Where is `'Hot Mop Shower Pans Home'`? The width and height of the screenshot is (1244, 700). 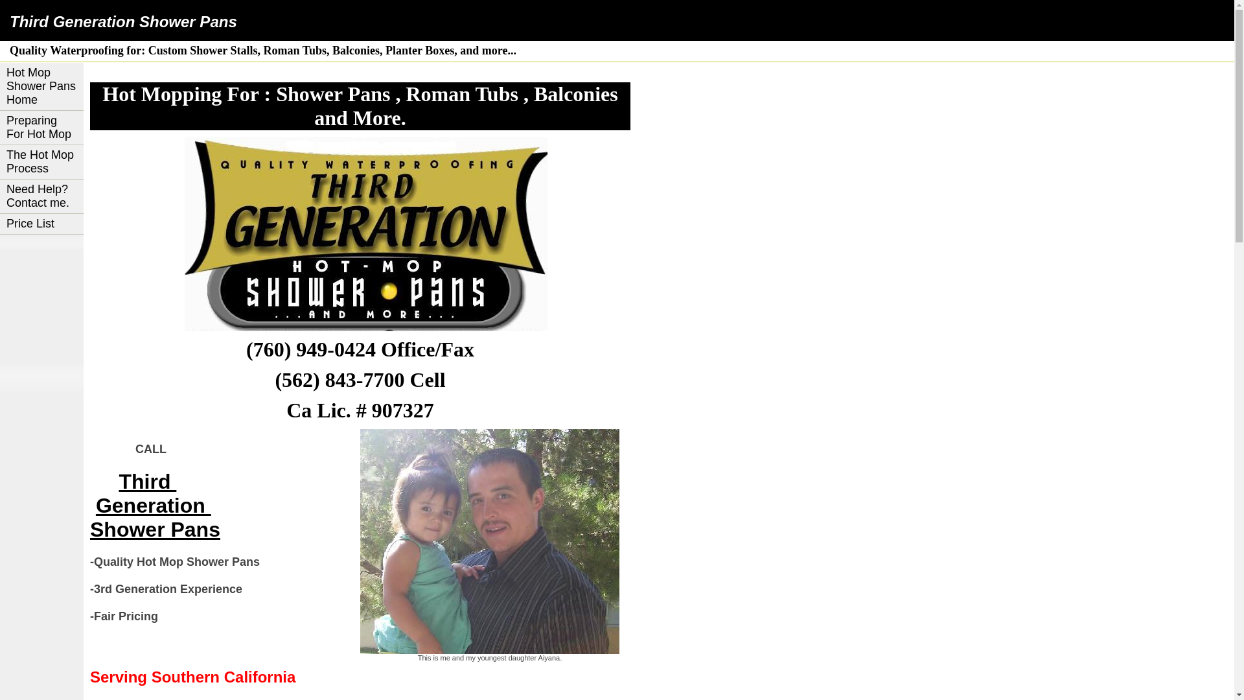 'Hot Mop Shower Pans Home' is located at coordinates (41, 87).